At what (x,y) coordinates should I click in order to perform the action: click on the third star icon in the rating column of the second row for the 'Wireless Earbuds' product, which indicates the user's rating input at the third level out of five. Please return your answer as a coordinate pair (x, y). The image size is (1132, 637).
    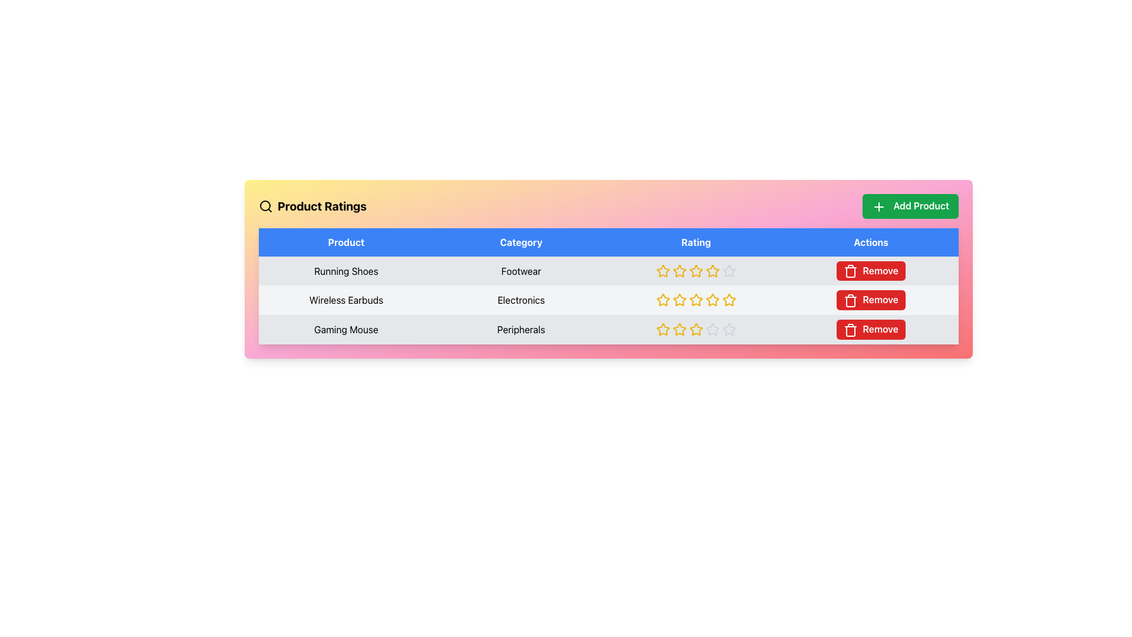
    Looking at the image, I should click on (696, 299).